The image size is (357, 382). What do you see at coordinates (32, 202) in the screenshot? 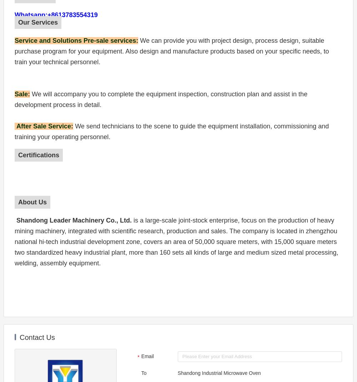
I see `'About Us'` at bounding box center [32, 202].